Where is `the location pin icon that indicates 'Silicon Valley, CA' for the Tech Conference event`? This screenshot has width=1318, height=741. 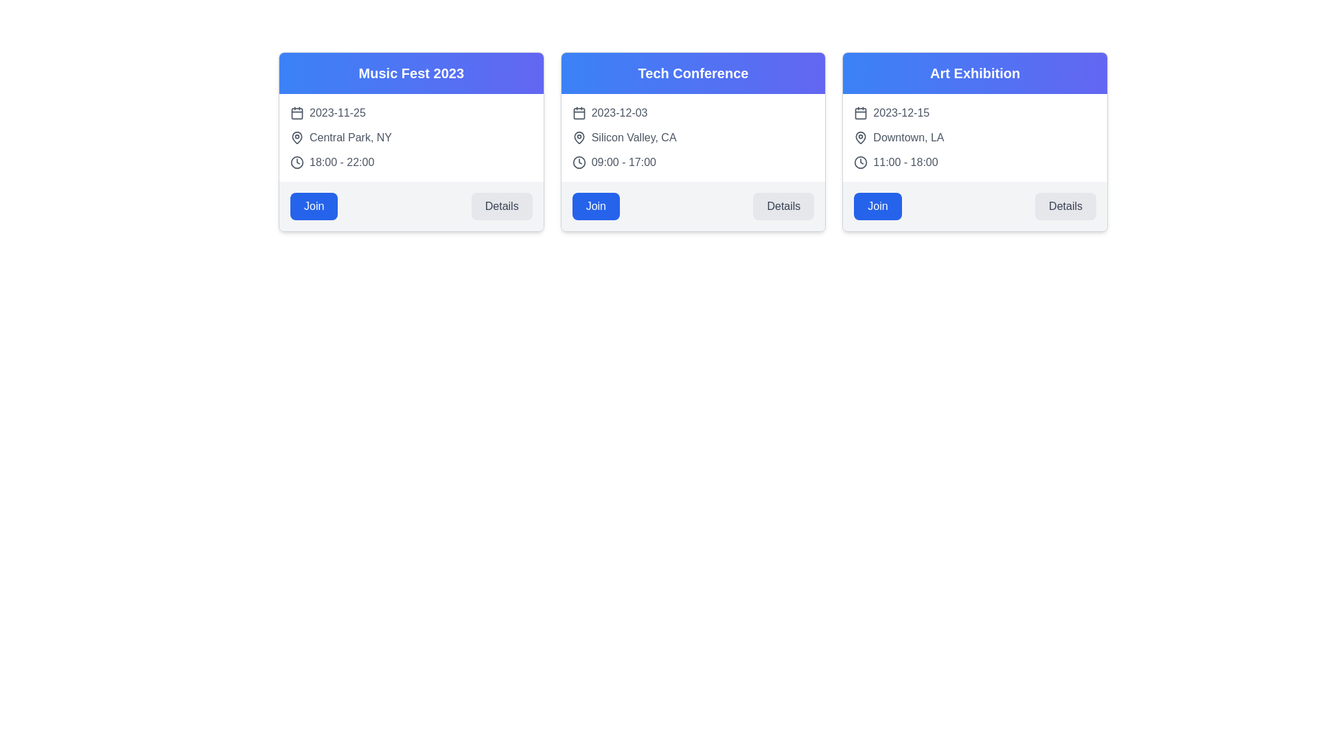
the location pin icon that indicates 'Silicon Valley, CA' for the Tech Conference event is located at coordinates (579, 137).